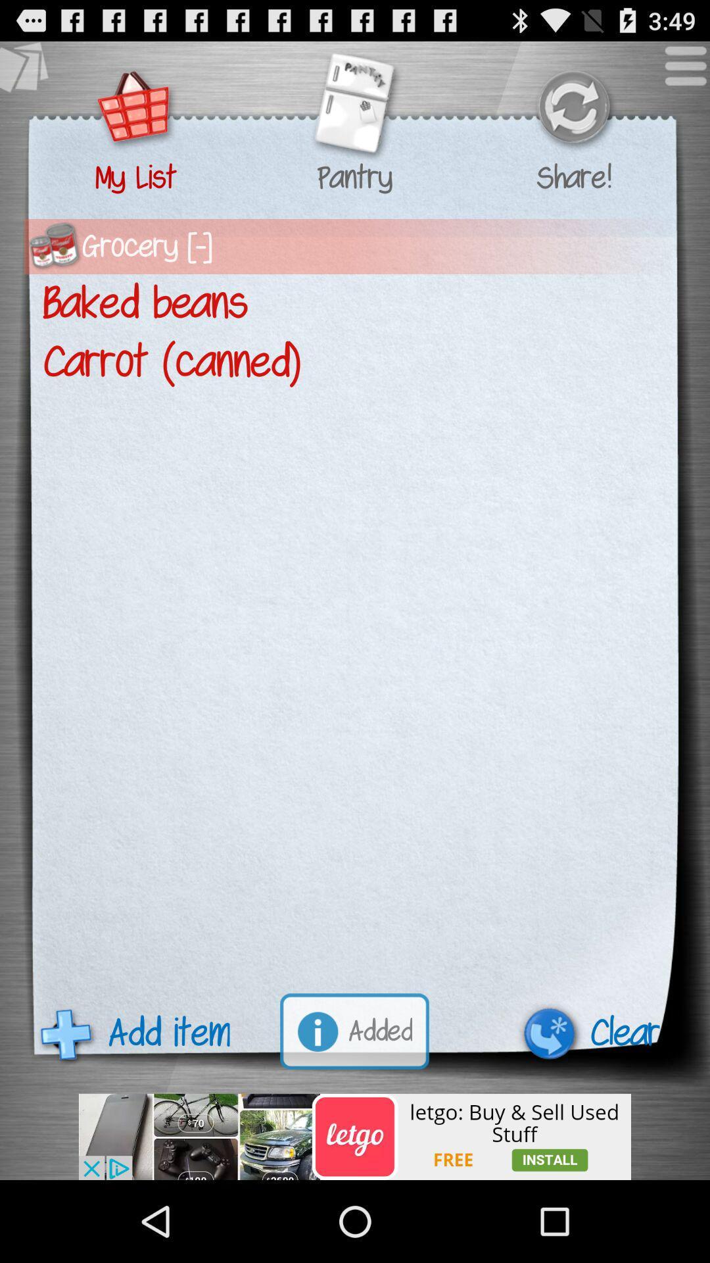  I want to click on visit advertised website, so click(355, 1136).